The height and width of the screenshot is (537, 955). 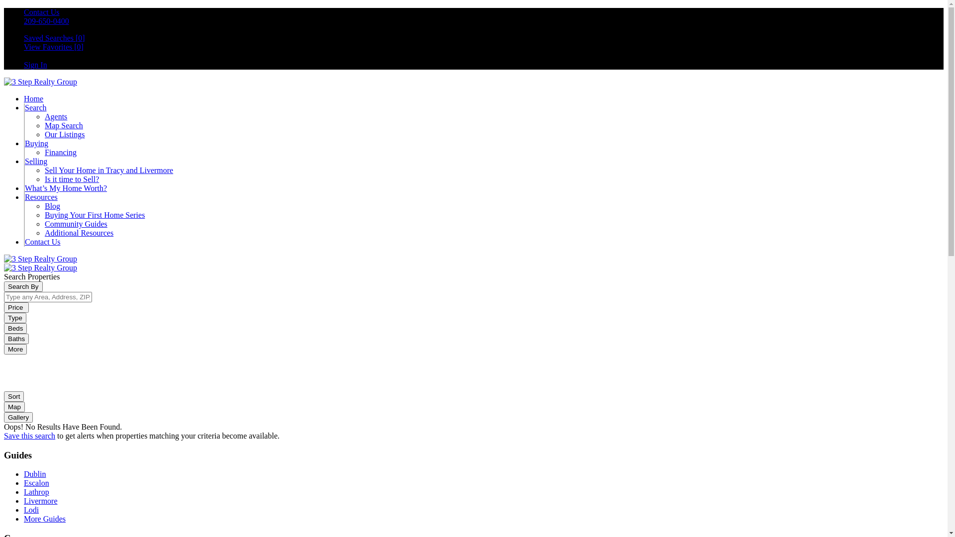 I want to click on '209-650-0400', so click(x=24, y=21).